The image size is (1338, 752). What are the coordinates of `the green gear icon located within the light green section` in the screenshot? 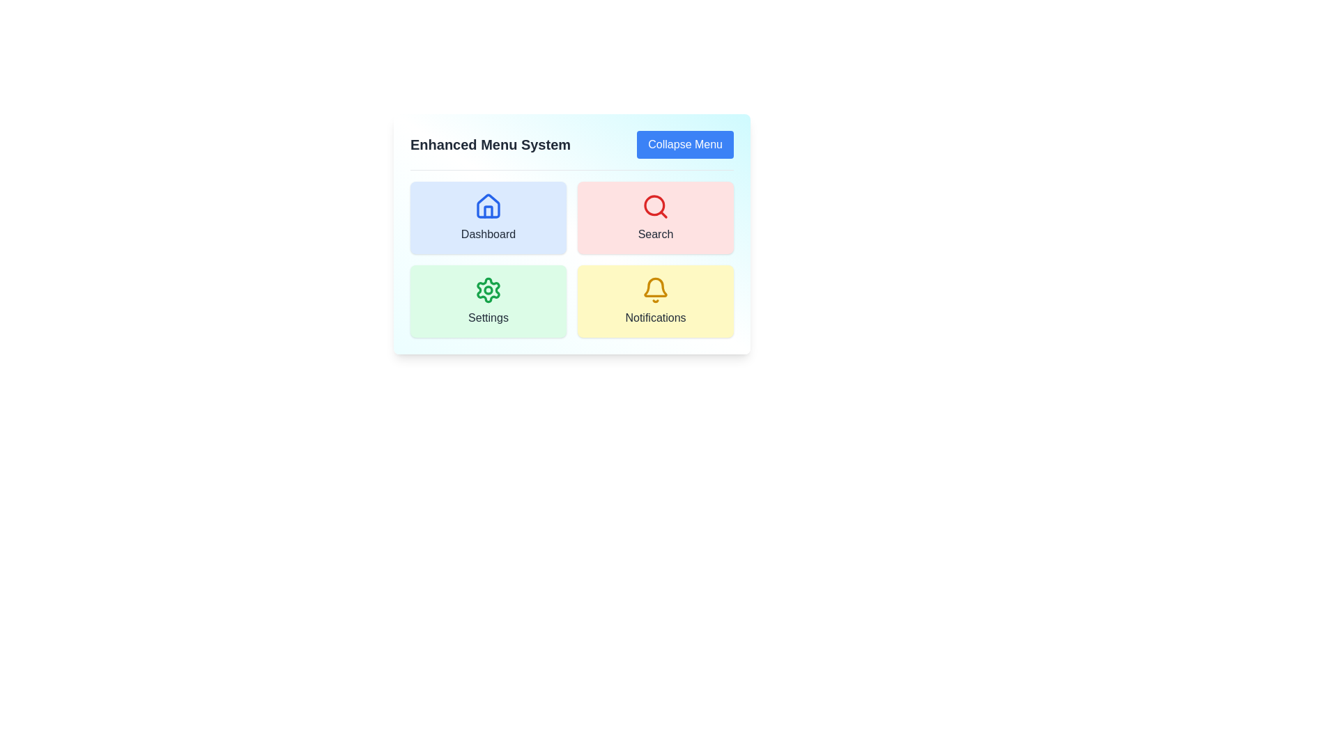 It's located at (488, 289).